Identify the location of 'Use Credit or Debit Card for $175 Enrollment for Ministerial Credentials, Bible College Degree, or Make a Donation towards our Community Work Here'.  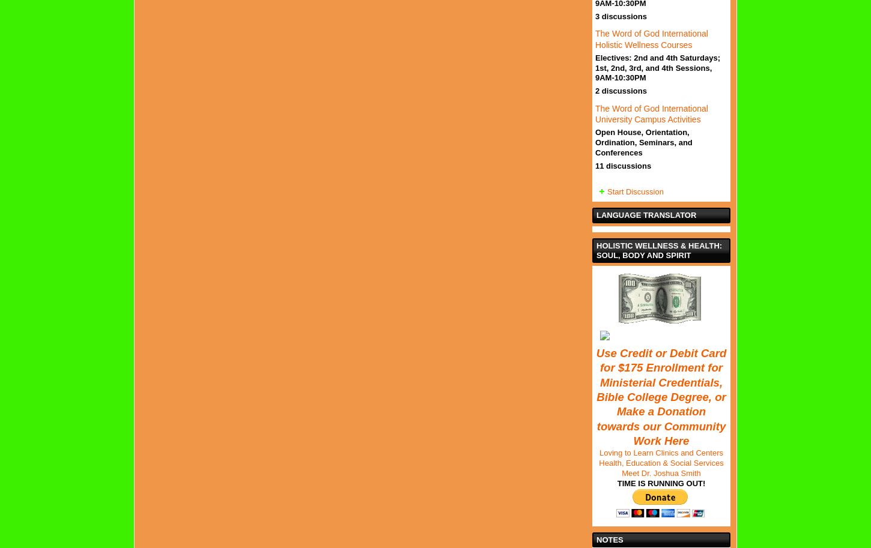
(660, 396).